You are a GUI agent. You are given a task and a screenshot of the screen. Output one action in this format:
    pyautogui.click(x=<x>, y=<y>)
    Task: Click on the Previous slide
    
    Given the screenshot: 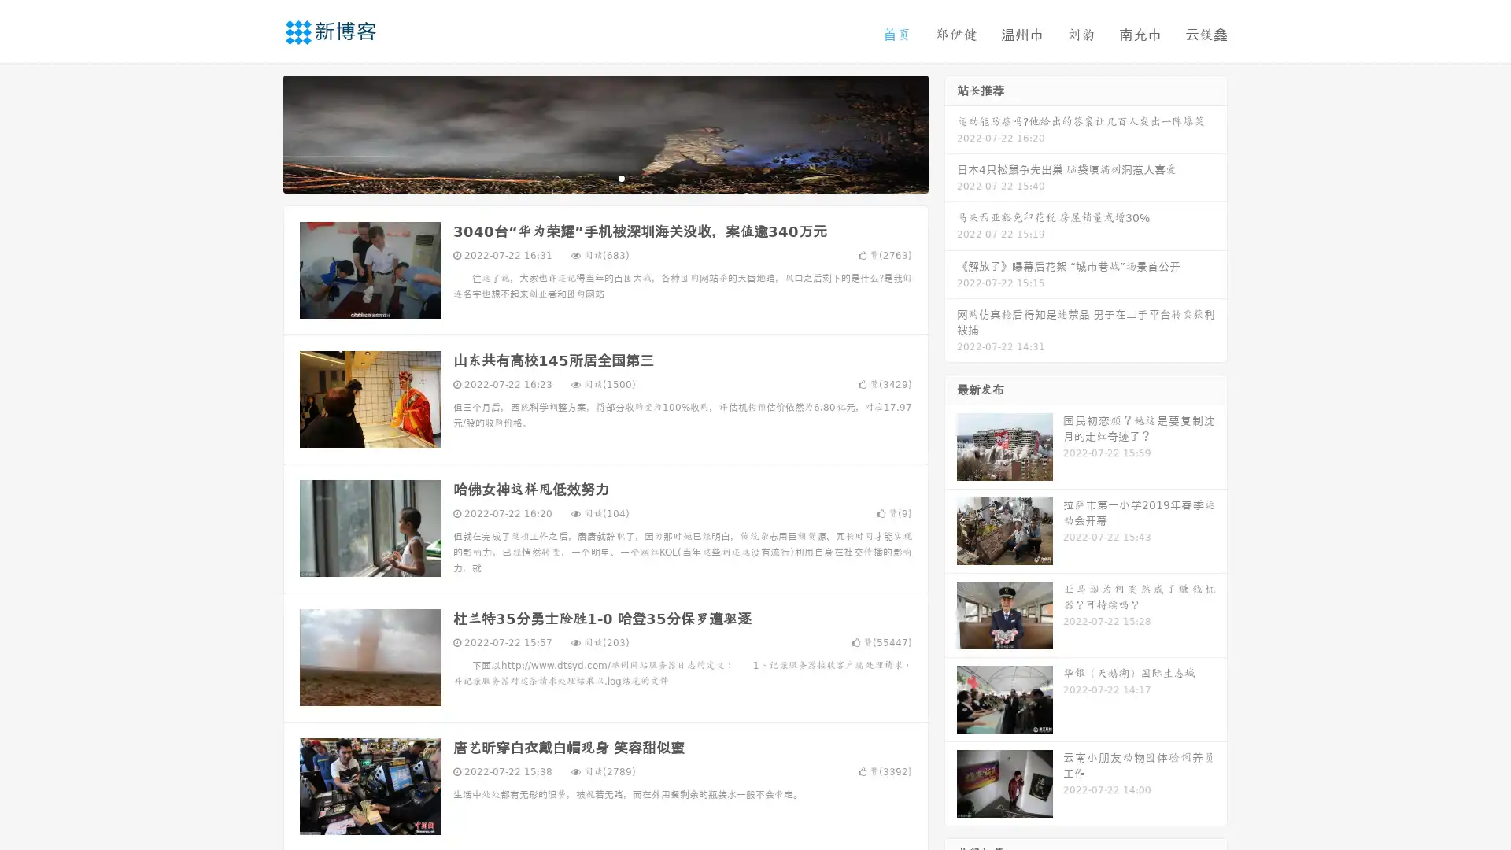 What is the action you would take?
    pyautogui.click(x=260, y=132)
    